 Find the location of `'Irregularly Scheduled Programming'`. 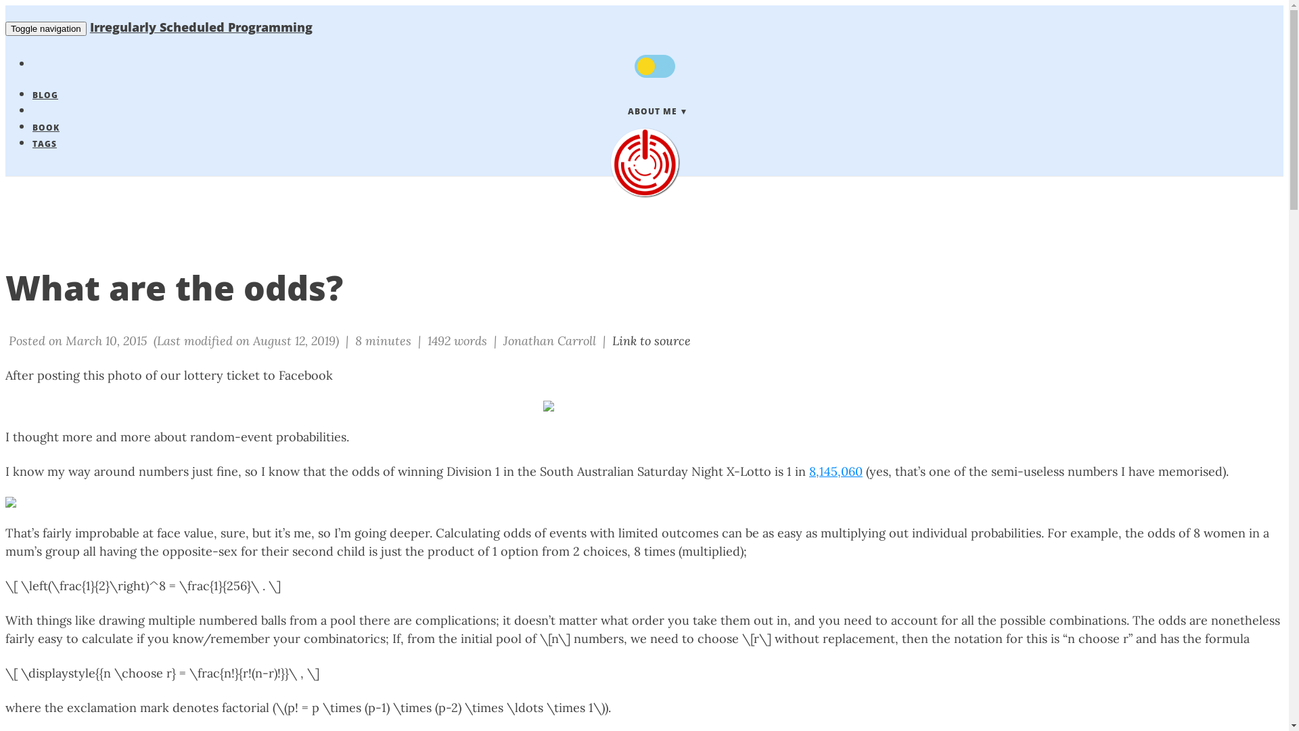

'Irregularly Scheduled Programming' is located at coordinates (200, 26).